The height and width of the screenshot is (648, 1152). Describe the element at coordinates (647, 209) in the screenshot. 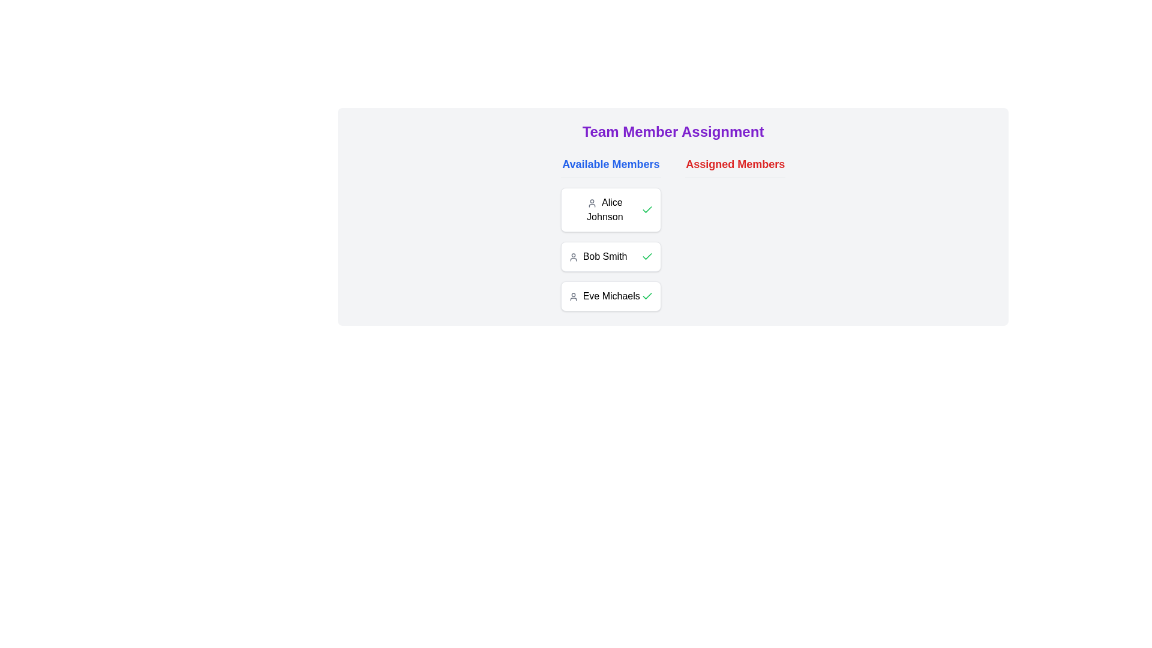

I see `the green check mark icon located in the right section of Alice Johnson's card, which is the first card from the top` at that location.